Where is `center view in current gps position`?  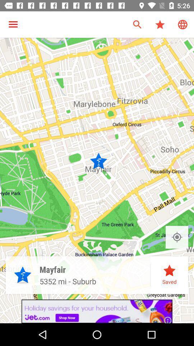
center view in current gps position is located at coordinates (176, 237).